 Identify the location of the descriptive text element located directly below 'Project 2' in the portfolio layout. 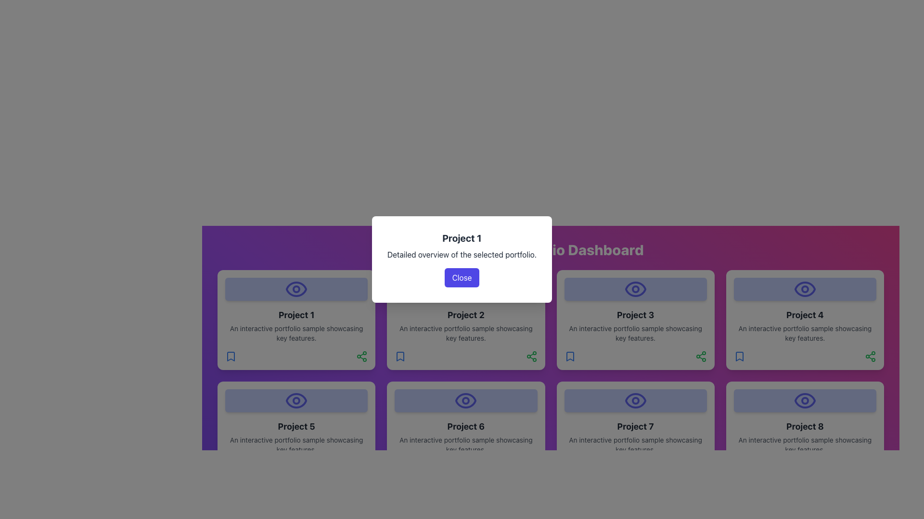
(466, 333).